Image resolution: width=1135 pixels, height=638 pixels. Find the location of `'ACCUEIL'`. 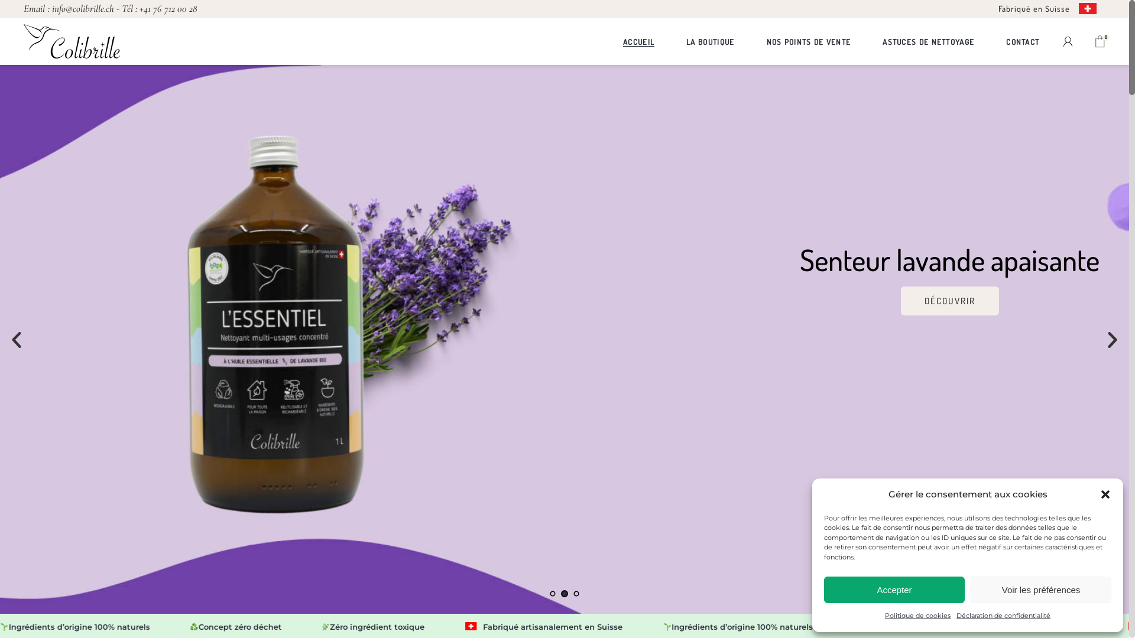

'ACCUEIL' is located at coordinates (622, 40).